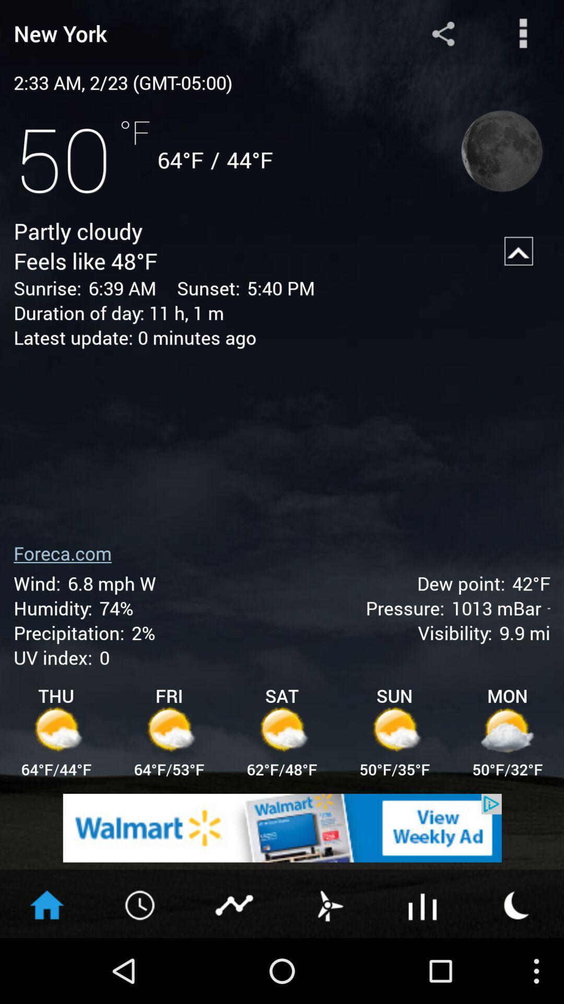 This screenshot has height=1004, width=564. Describe the element at coordinates (443, 36) in the screenshot. I see `the share icon` at that location.